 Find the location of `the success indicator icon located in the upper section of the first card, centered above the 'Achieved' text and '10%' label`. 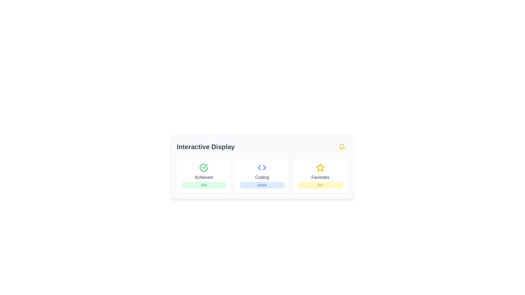

the success indicator icon located in the upper section of the first card, centered above the 'Achieved' text and '10%' label is located at coordinates (203, 167).